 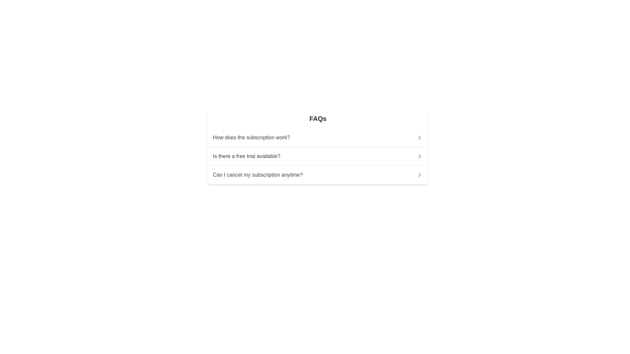 I want to click on the chevron icon located on the far right of the row containing the question 'Can I cancel my subscription anytime?', so click(x=419, y=174).